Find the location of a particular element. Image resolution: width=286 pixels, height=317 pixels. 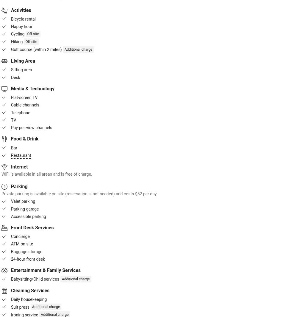

'WiFi is available in all areas and is free of charge.' is located at coordinates (46, 173).